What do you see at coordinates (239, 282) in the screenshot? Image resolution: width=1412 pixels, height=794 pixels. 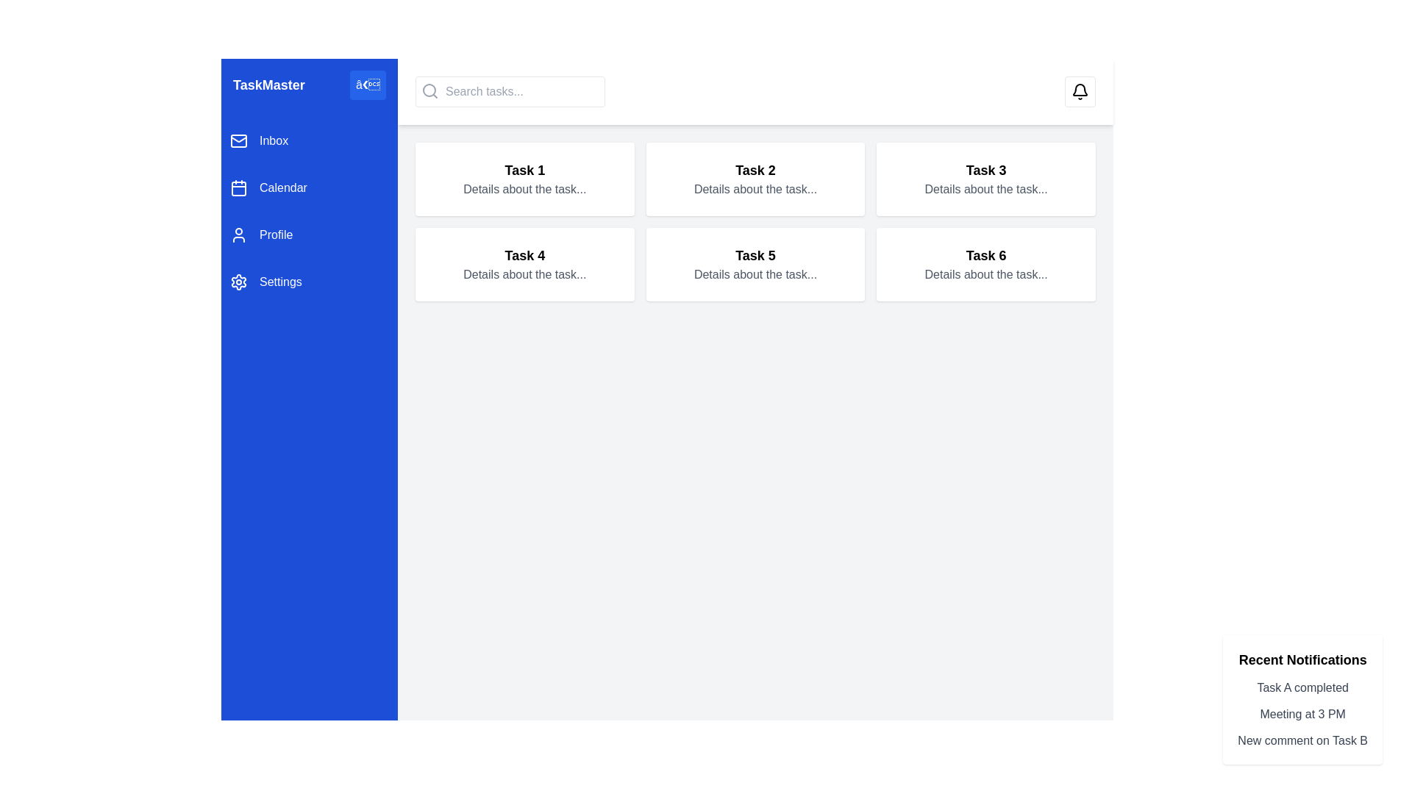 I see `the gear icon located in the left sidebar, directly above the 'Settings' text label` at bounding box center [239, 282].